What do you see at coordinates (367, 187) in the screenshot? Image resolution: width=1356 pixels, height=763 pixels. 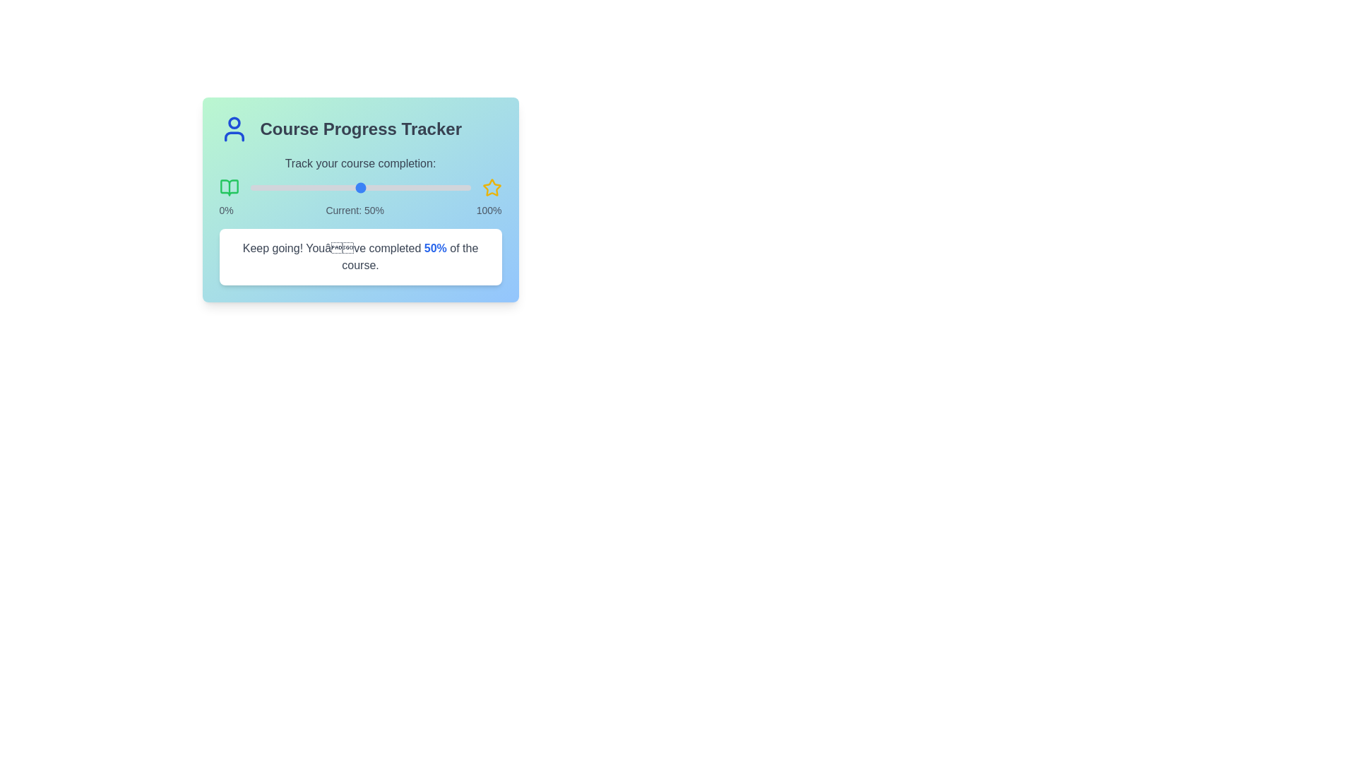 I see `the slider to 53% completion` at bounding box center [367, 187].